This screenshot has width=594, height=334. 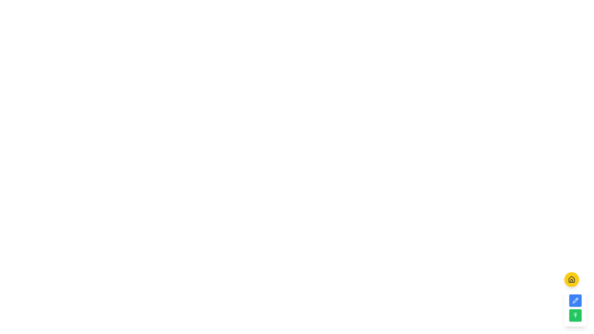 What do you see at coordinates (575, 315) in the screenshot?
I see `the green circular button icon located at the bottom-right of the interface` at bounding box center [575, 315].